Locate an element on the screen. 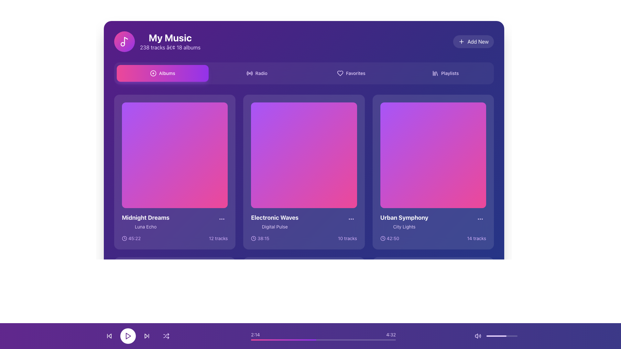 Image resolution: width=621 pixels, height=349 pixels. the volume is located at coordinates (507, 336).